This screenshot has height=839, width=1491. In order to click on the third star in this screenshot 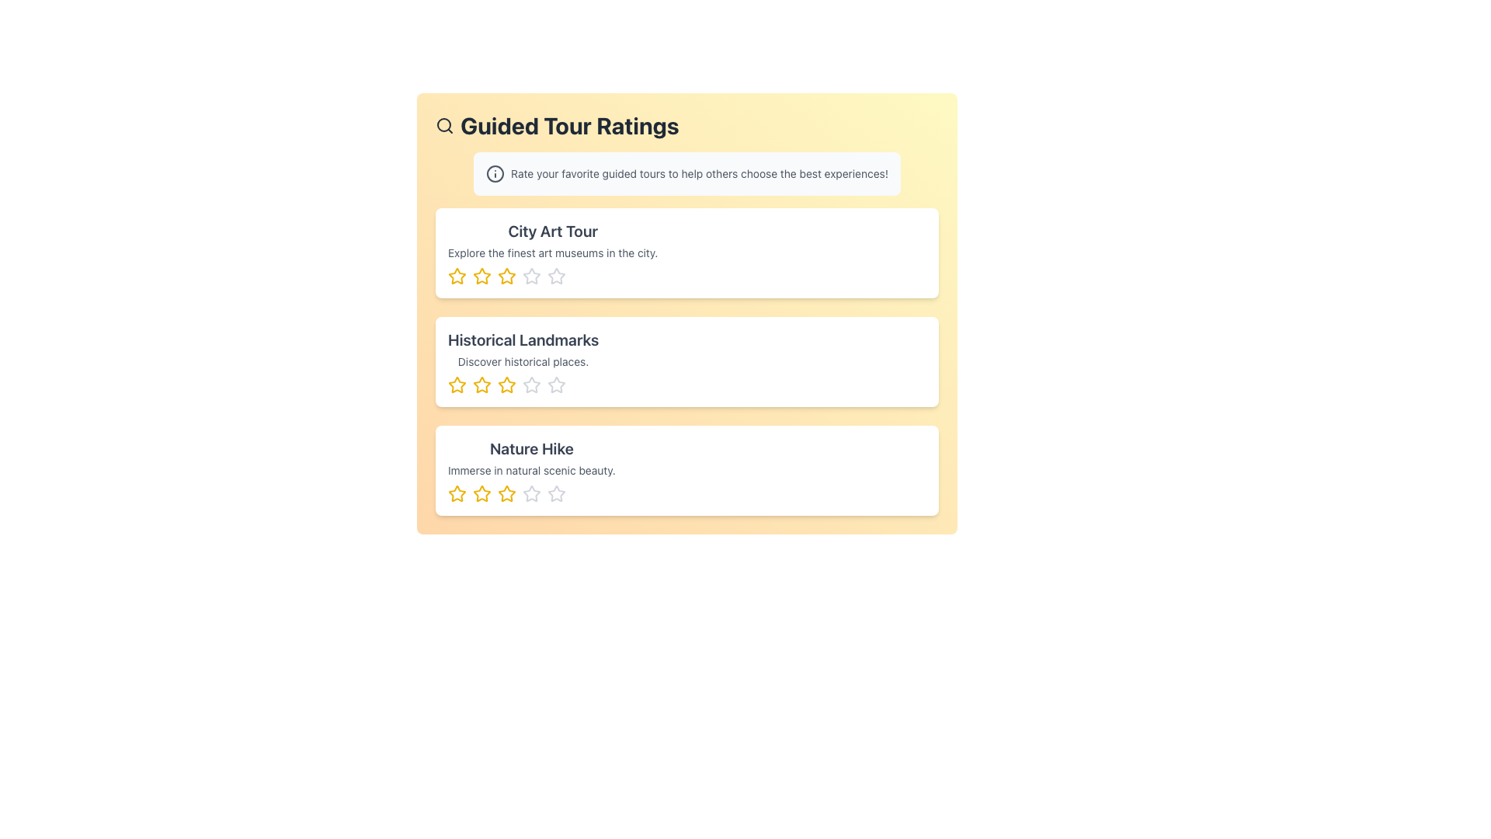, I will do `click(506, 385)`.